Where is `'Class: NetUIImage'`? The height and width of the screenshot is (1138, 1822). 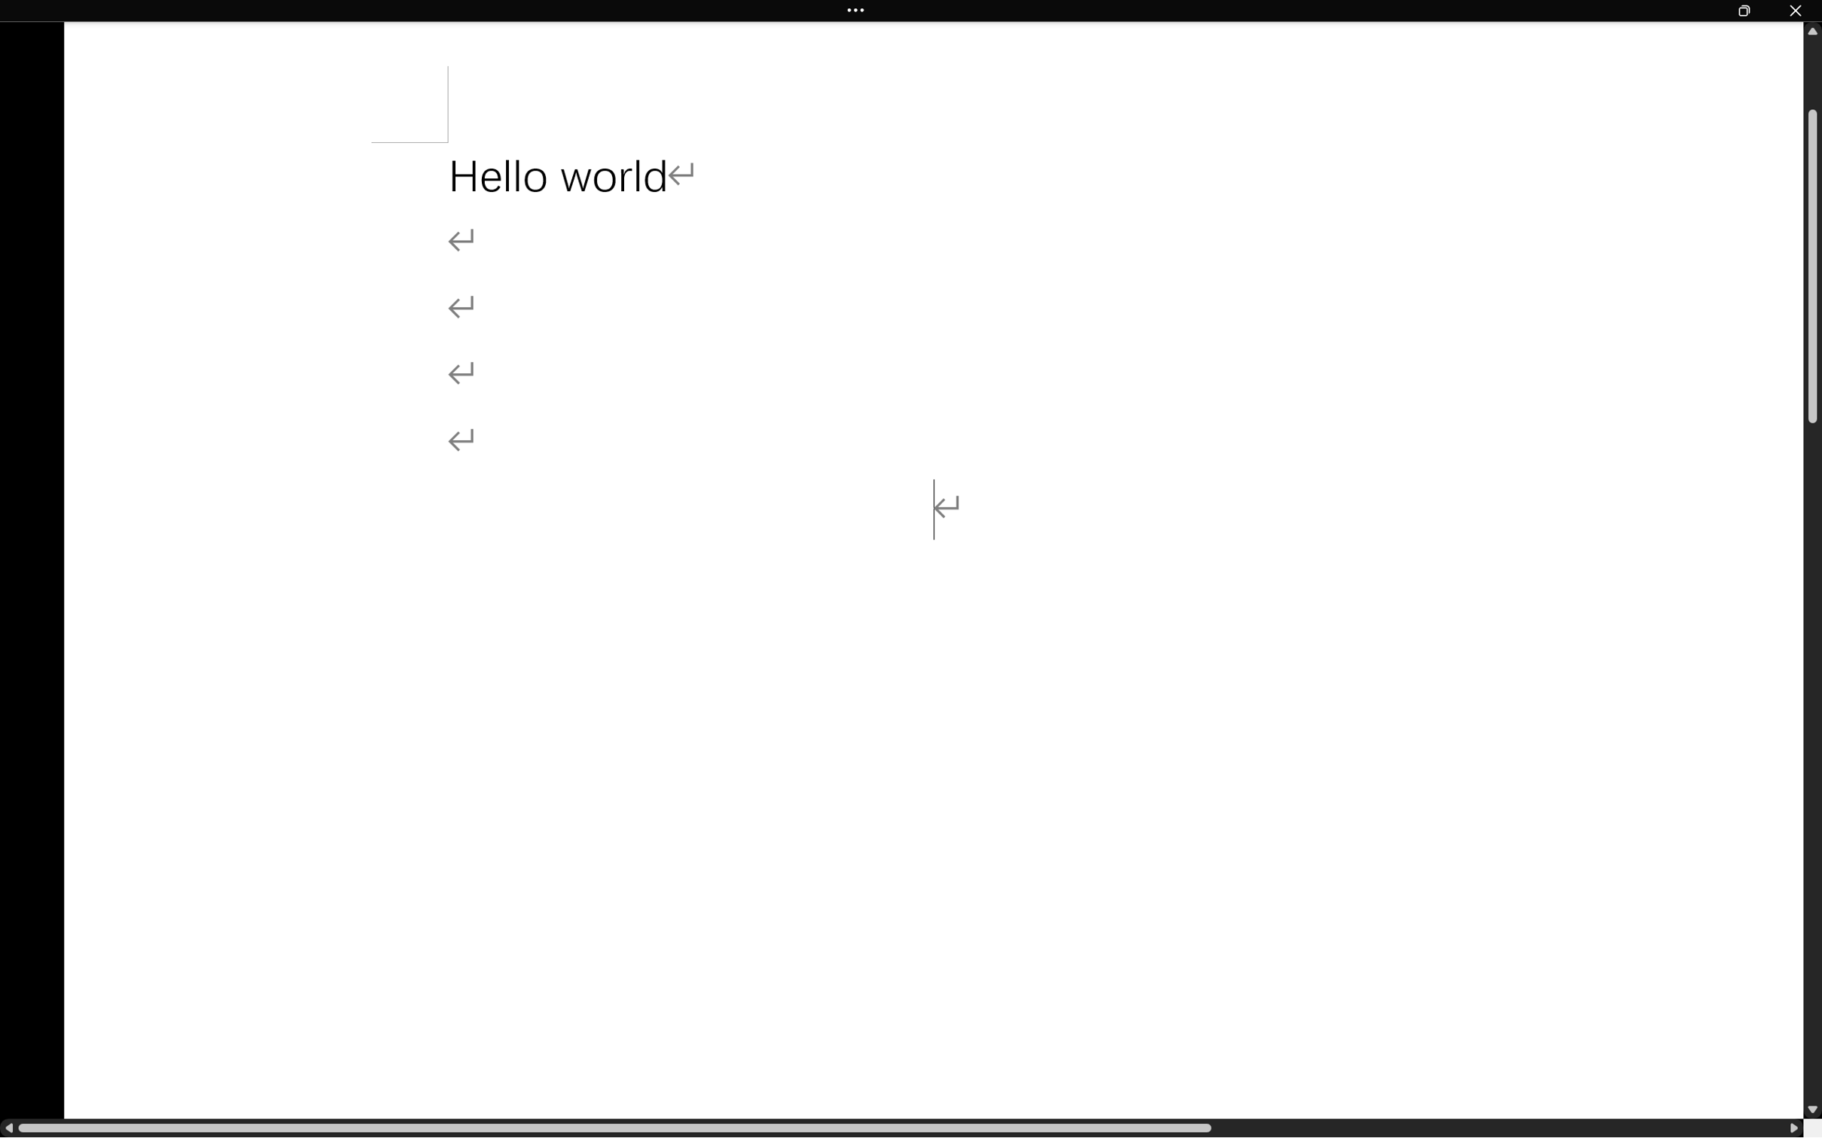 'Class: NetUIImage' is located at coordinates (856, 10).